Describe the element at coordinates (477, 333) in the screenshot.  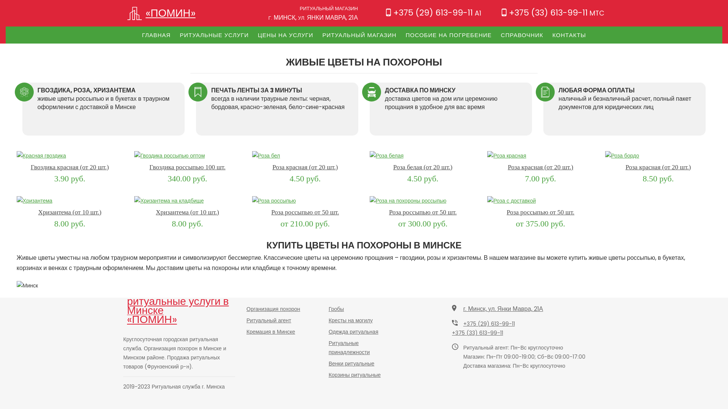
I see `'+375 (33) 613-99-11'` at that location.